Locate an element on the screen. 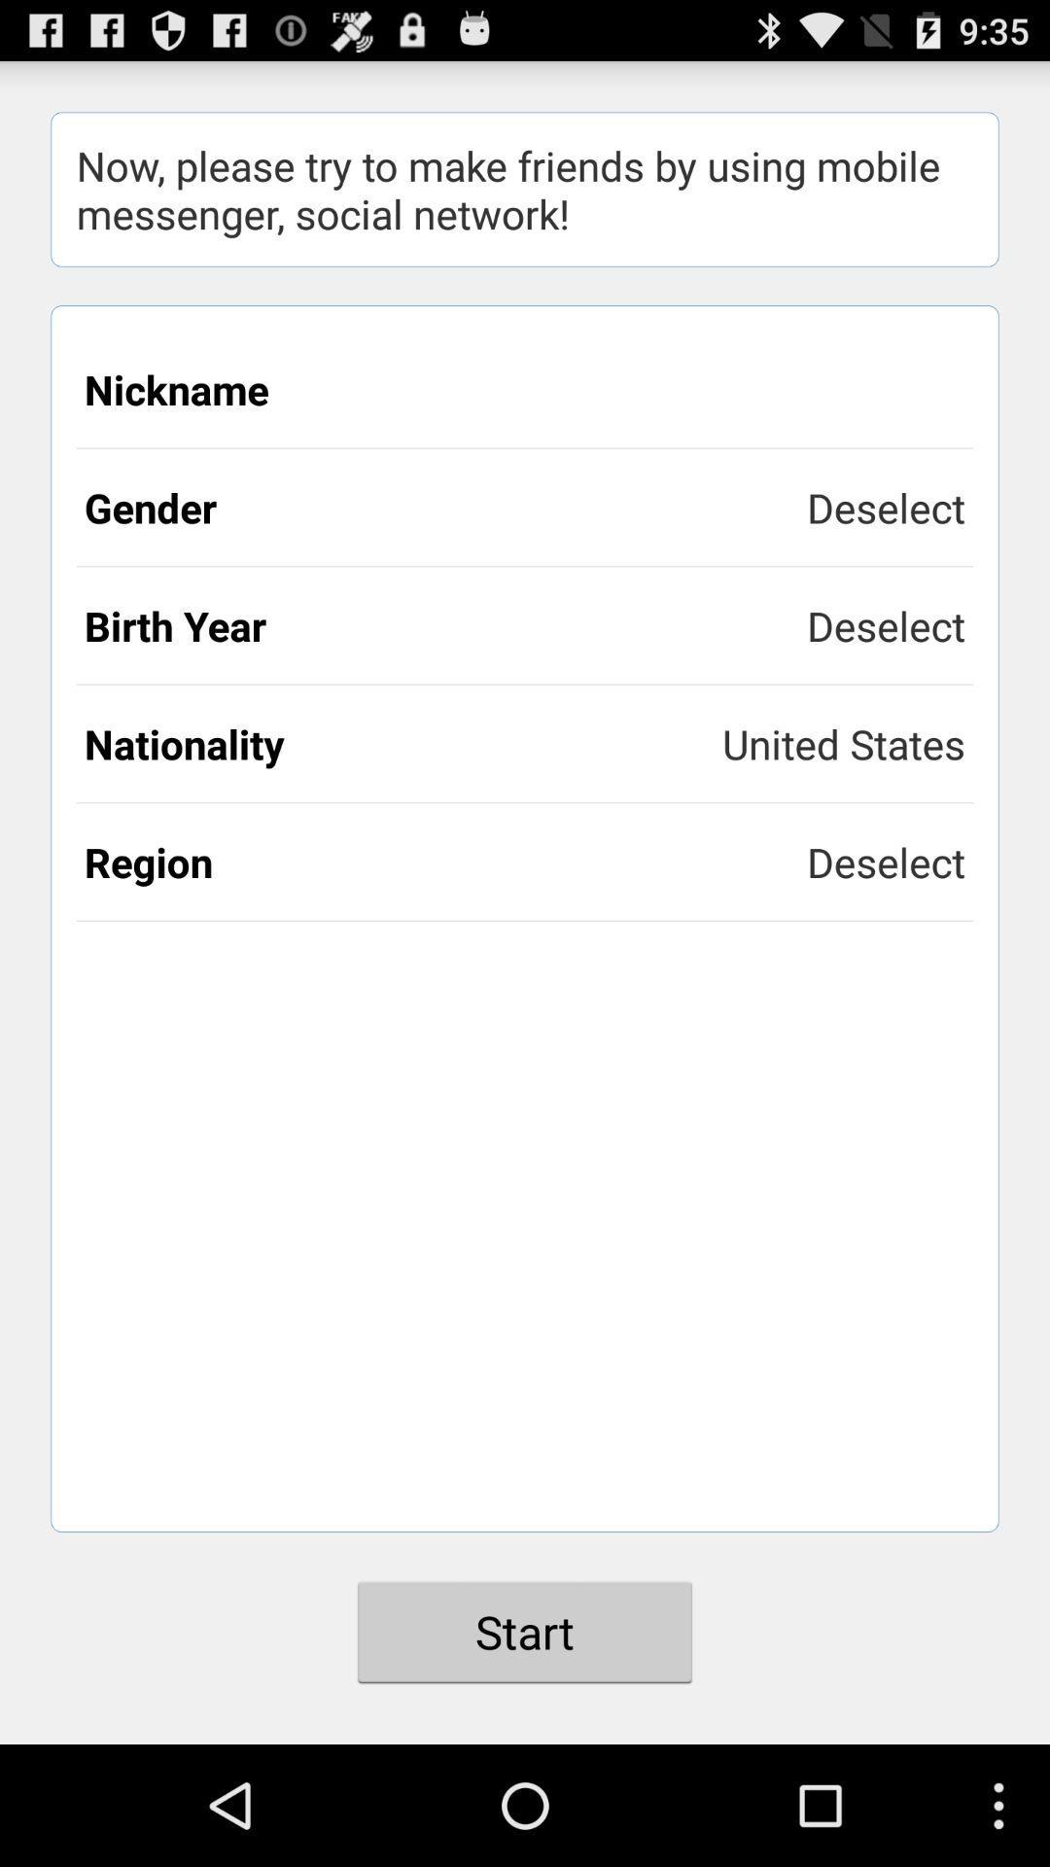  the item below the region icon is located at coordinates (525, 1632).